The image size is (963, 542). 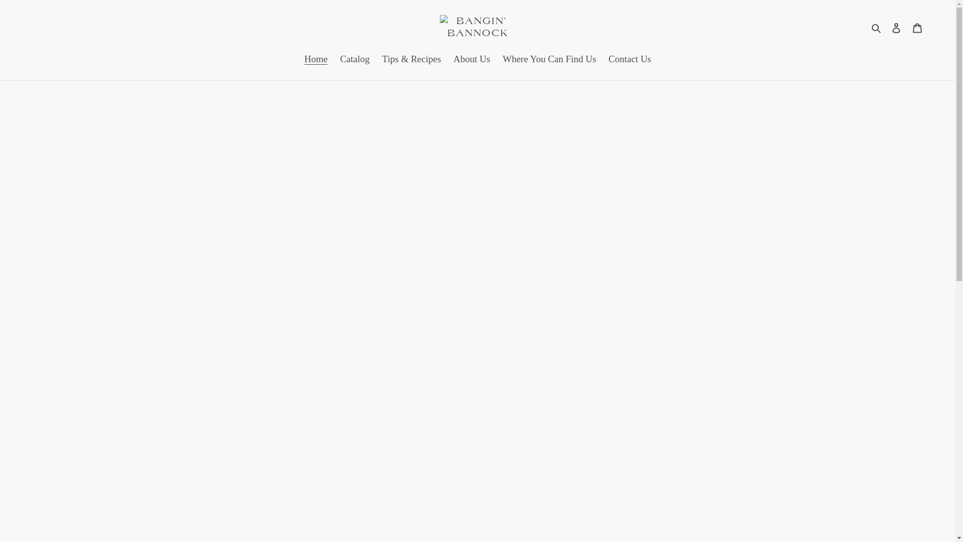 What do you see at coordinates (876, 27) in the screenshot?
I see `'Search'` at bounding box center [876, 27].